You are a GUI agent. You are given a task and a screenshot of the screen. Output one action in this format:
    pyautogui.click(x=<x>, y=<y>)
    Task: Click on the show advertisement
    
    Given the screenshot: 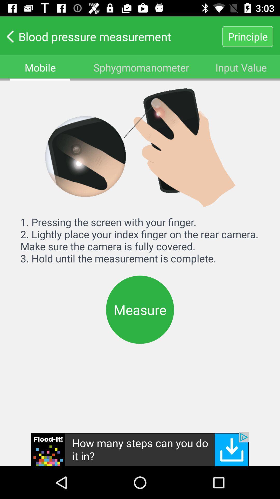 What is the action you would take?
    pyautogui.click(x=140, y=449)
    